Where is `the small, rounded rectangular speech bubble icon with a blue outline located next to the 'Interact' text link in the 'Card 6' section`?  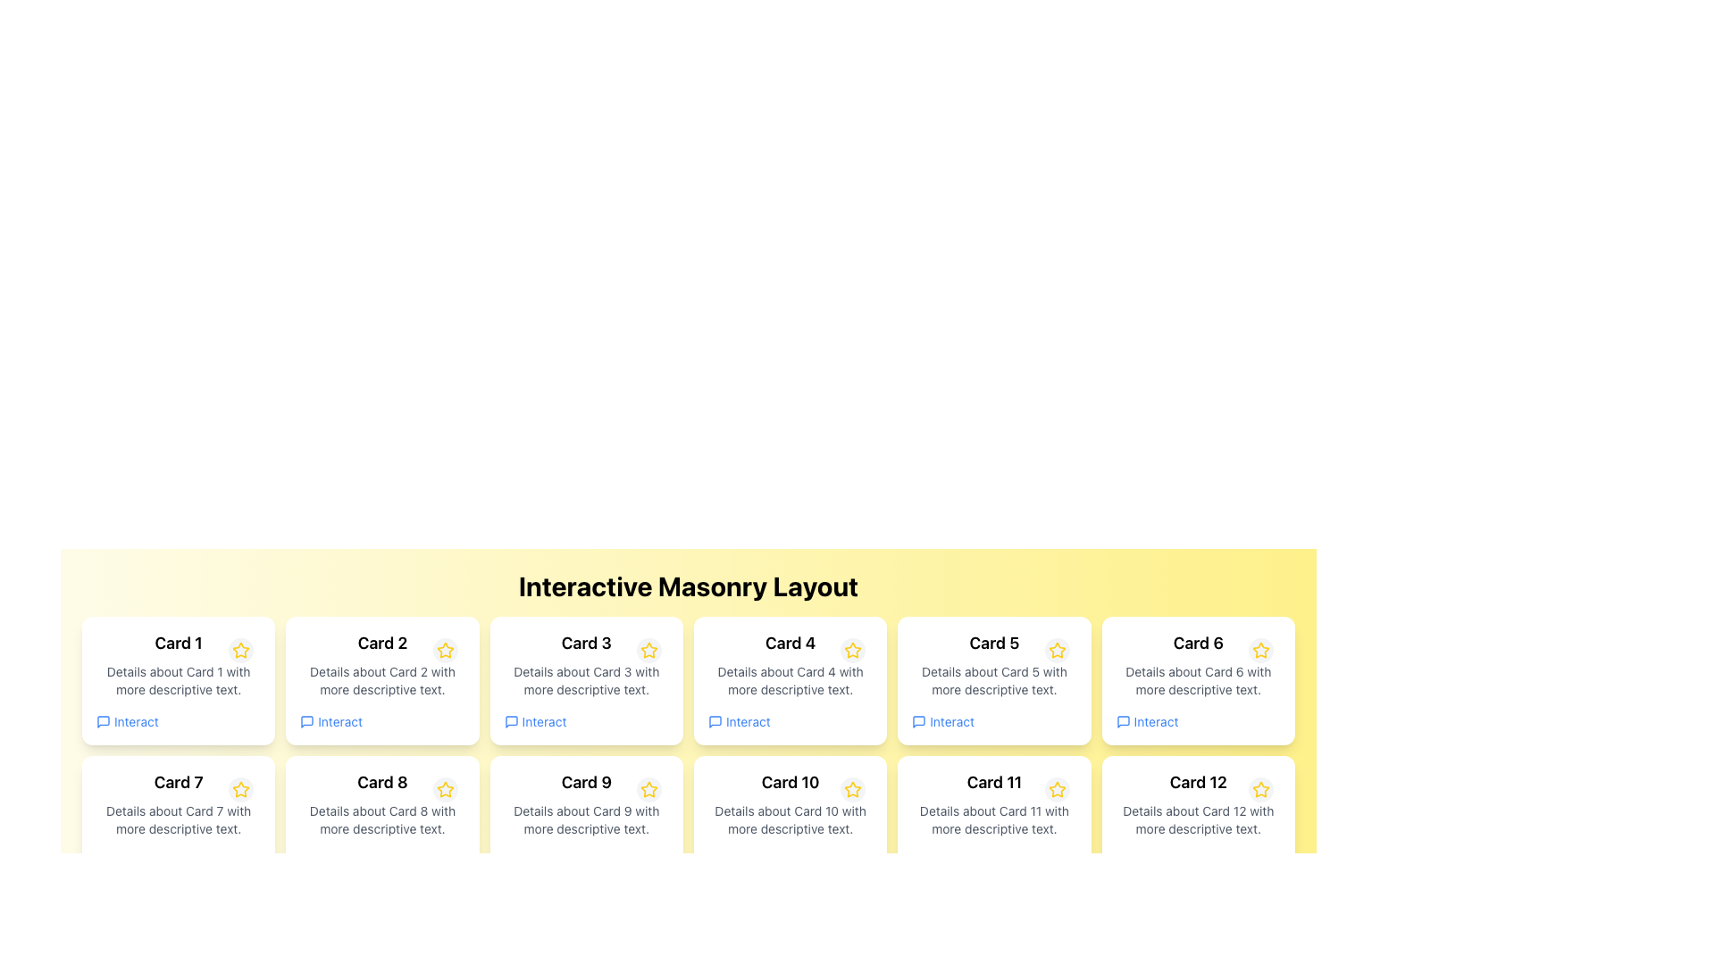 the small, rounded rectangular speech bubble icon with a blue outline located next to the 'Interact' text link in the 'Card 6' section is located at coordinates (1122, 721).